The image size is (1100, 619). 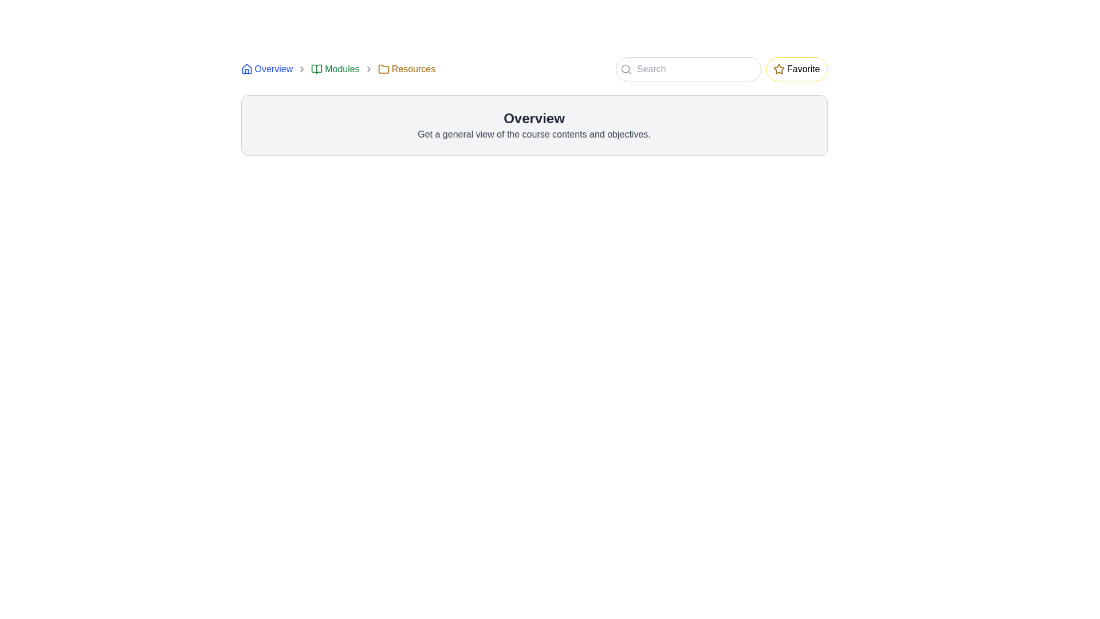 What do you see at coordinates (687, 69) in the screenshot?
I see `the search input field located at the upper right corner of the interface to focus on it for entering search terms` at bounding box center [687, 69].